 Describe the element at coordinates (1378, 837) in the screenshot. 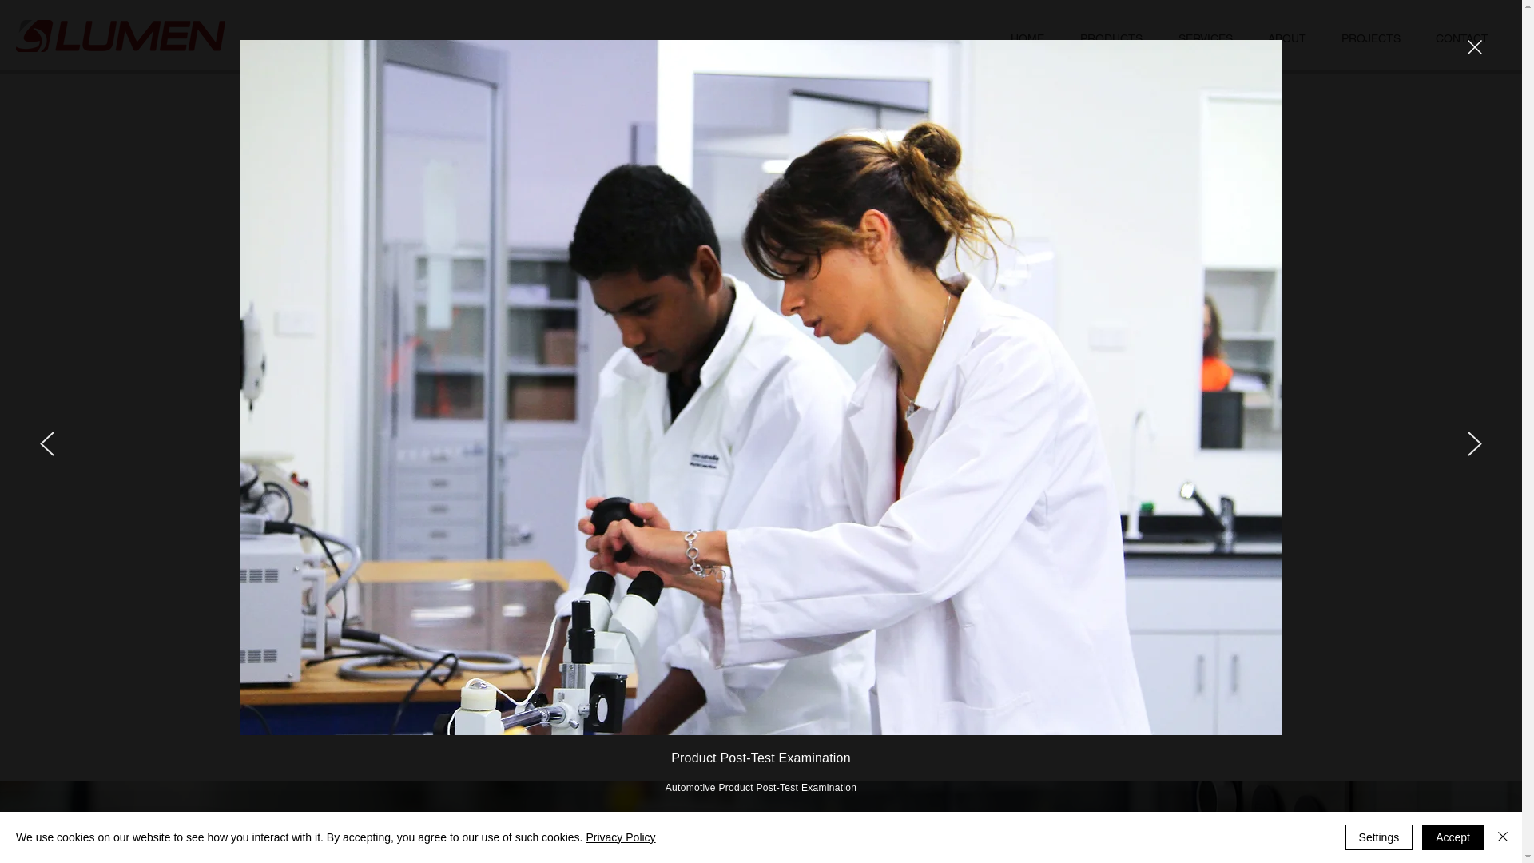

I see `'Settings'` at that location.